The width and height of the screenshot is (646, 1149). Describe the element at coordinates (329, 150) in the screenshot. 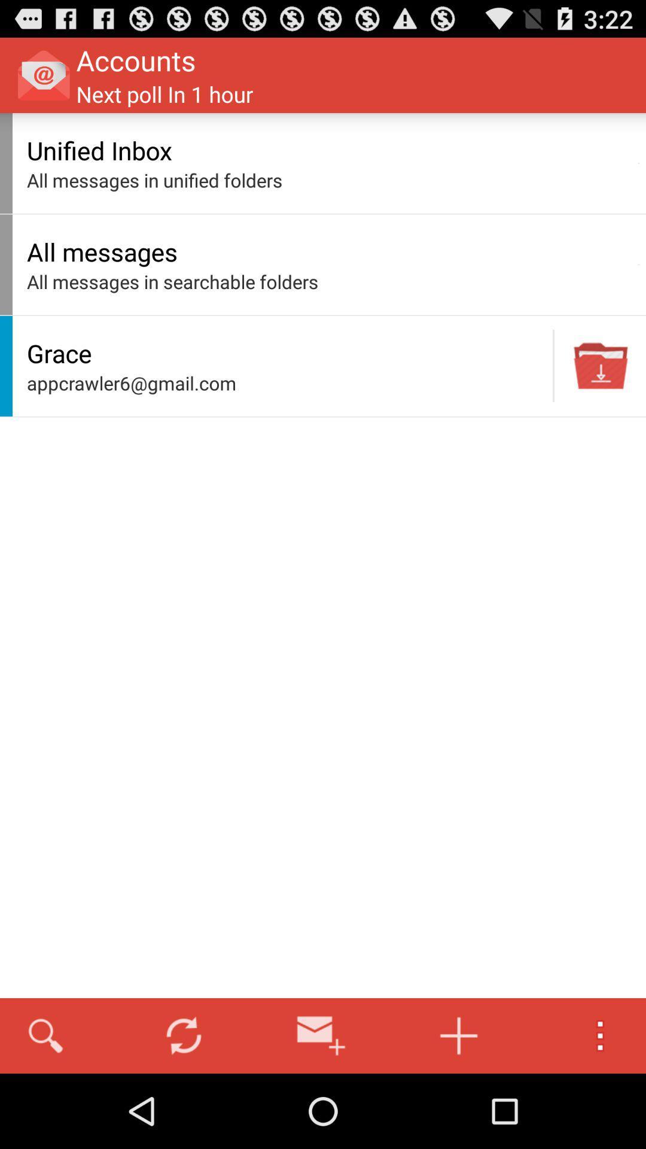

I see `app above all messages in item` at that location.